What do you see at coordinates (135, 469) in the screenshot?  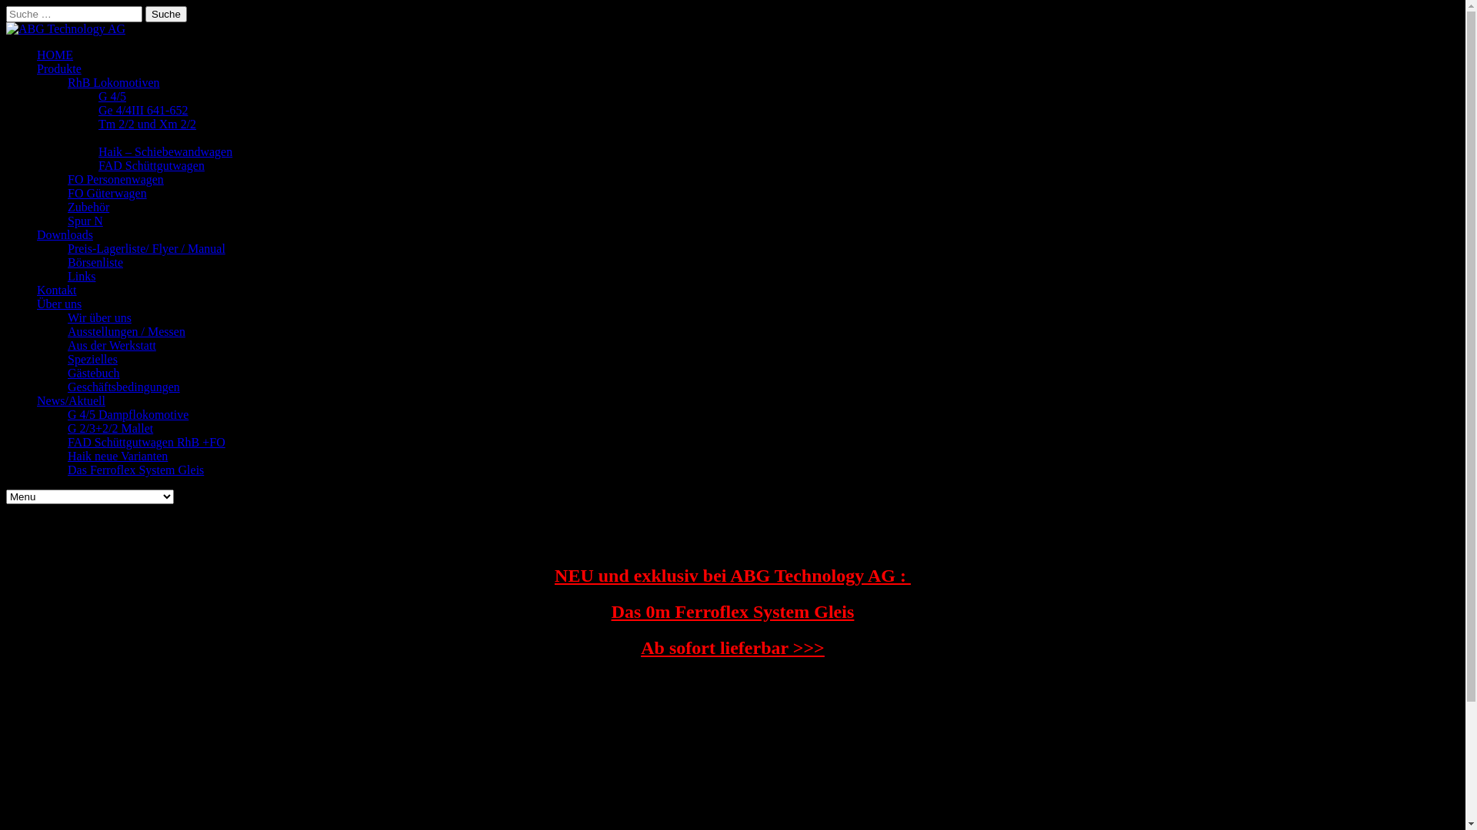 I see `'Das Ferroflex System Gleis'` at bounding box center [135, 469].